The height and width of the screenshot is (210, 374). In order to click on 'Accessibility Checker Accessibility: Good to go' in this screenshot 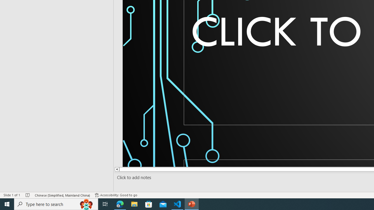, I will do `click(116, 195)`.